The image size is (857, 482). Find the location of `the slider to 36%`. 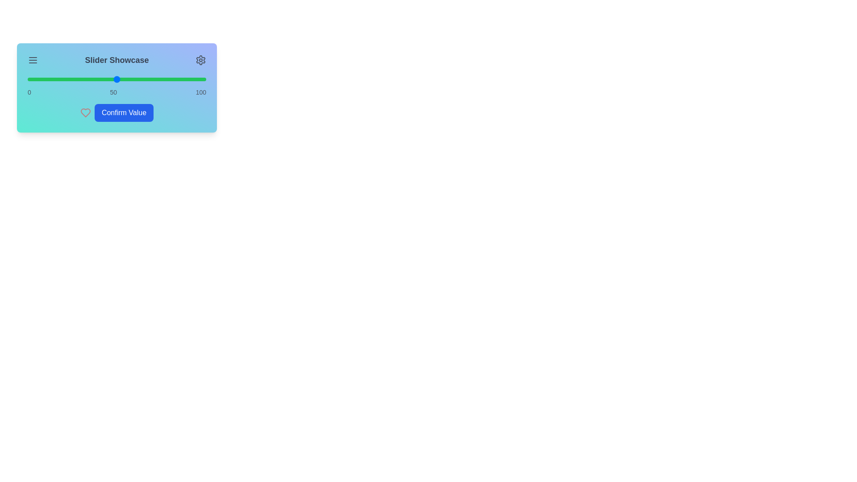

the slider to 36% is located at coordinates (92, 79).